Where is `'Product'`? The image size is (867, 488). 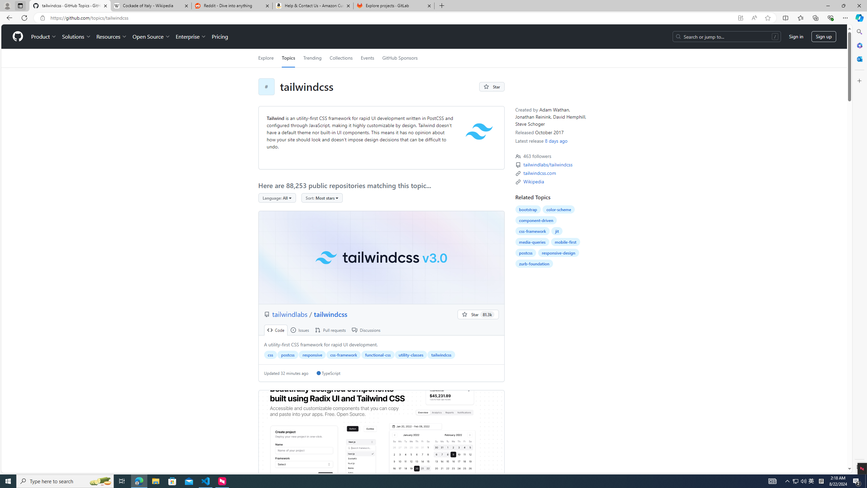 'Product' is located at coordinates (44, 36).